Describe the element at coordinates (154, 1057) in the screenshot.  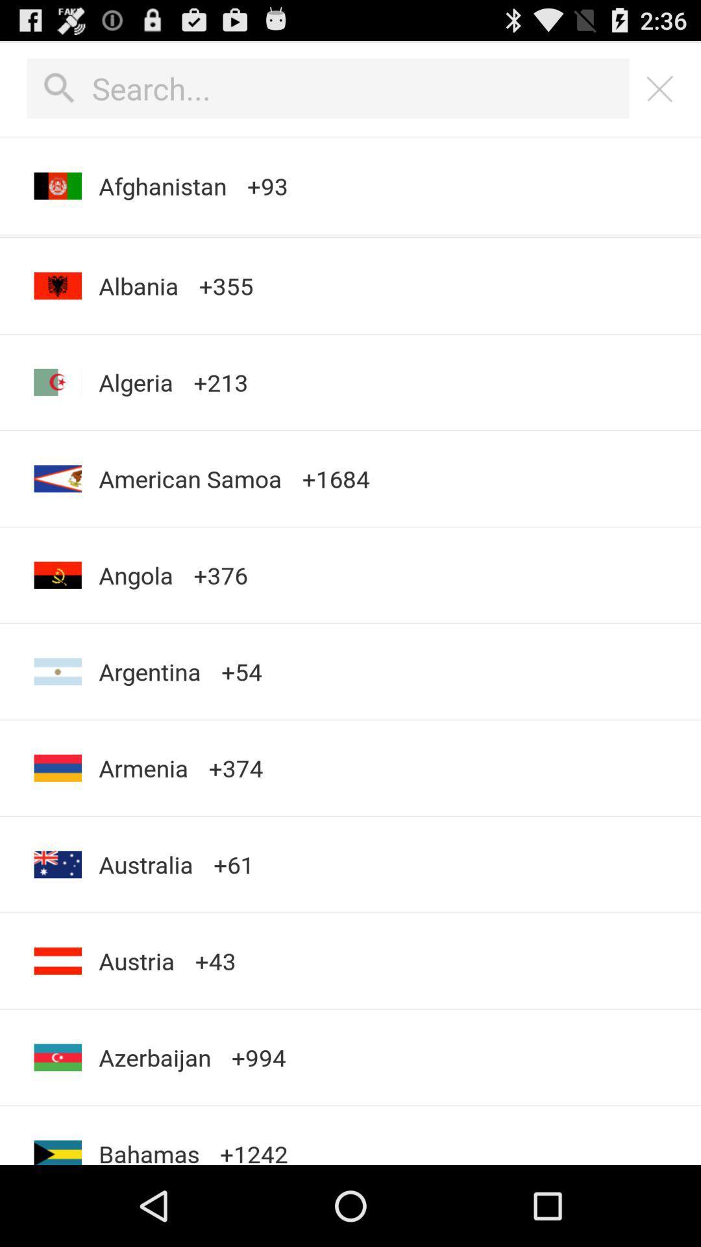
I see `the app next to the +1242 app` at that location.